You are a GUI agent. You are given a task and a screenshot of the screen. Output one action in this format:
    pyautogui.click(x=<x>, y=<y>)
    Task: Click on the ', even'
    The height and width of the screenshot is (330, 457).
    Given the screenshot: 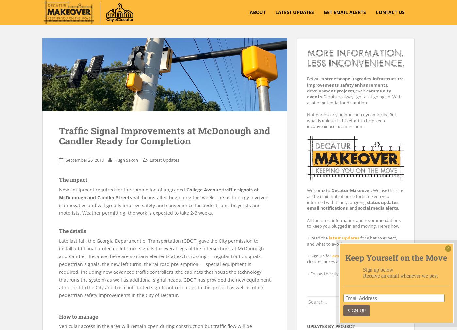 What is the action you would take?
    pyautogui.click(x=354, y=91)
    